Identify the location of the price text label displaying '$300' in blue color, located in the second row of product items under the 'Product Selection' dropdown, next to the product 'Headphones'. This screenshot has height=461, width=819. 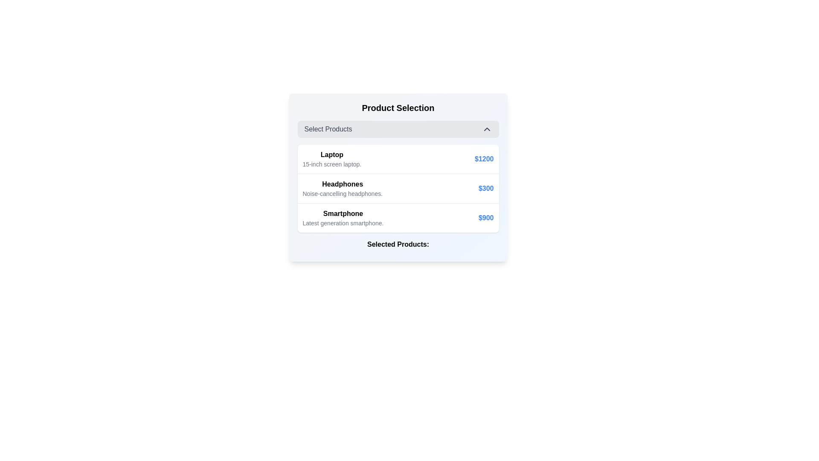
(486, 188).